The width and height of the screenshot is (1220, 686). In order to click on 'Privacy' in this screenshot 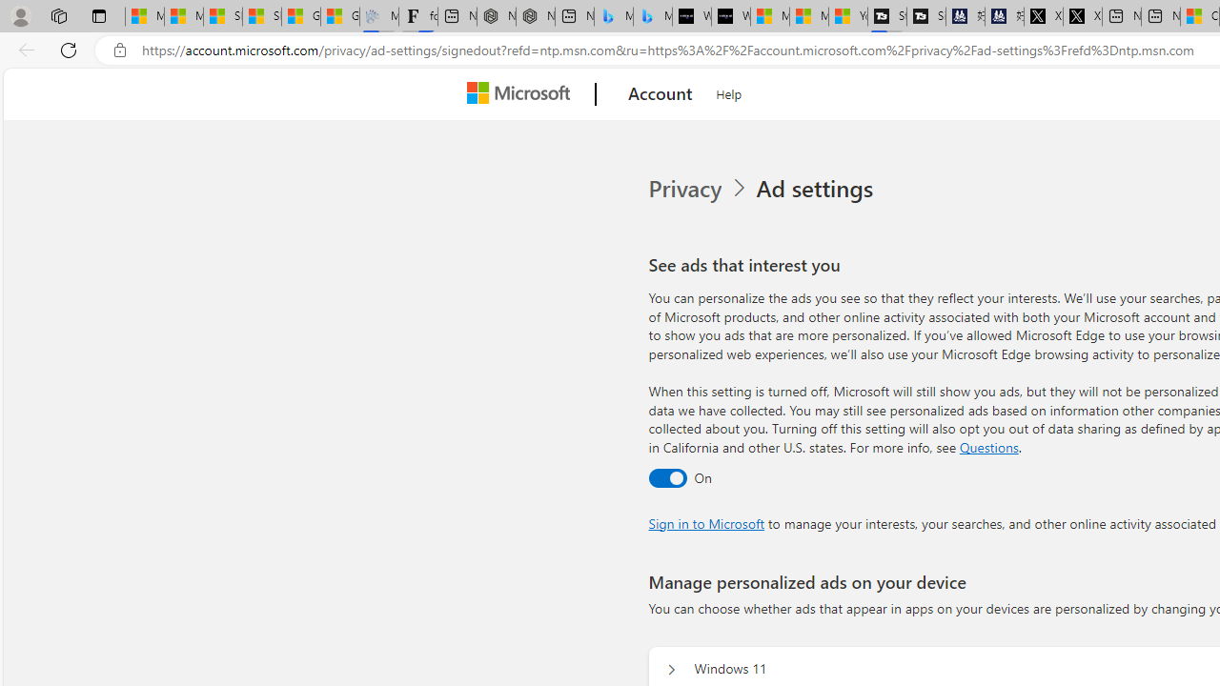, I will do `click(686, 189)`.